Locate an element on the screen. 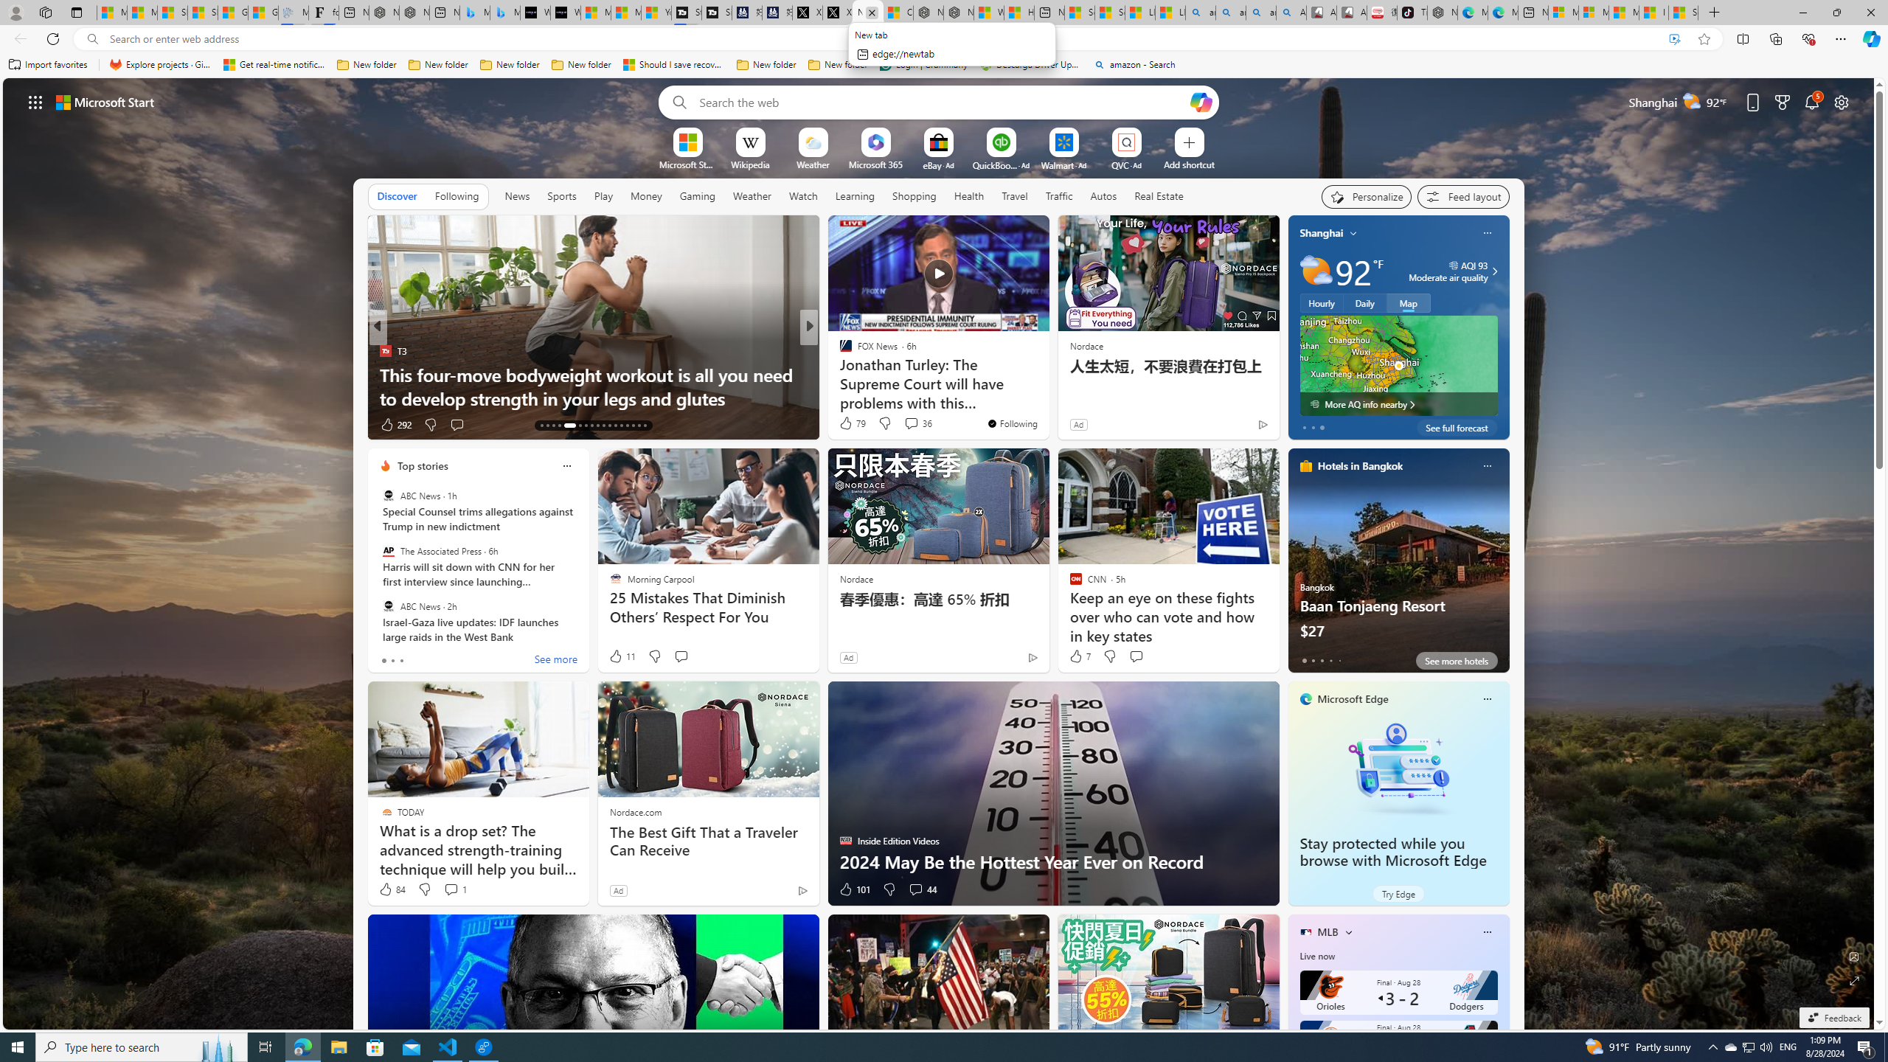  'Gaming' is located at coordinates (697, 195).